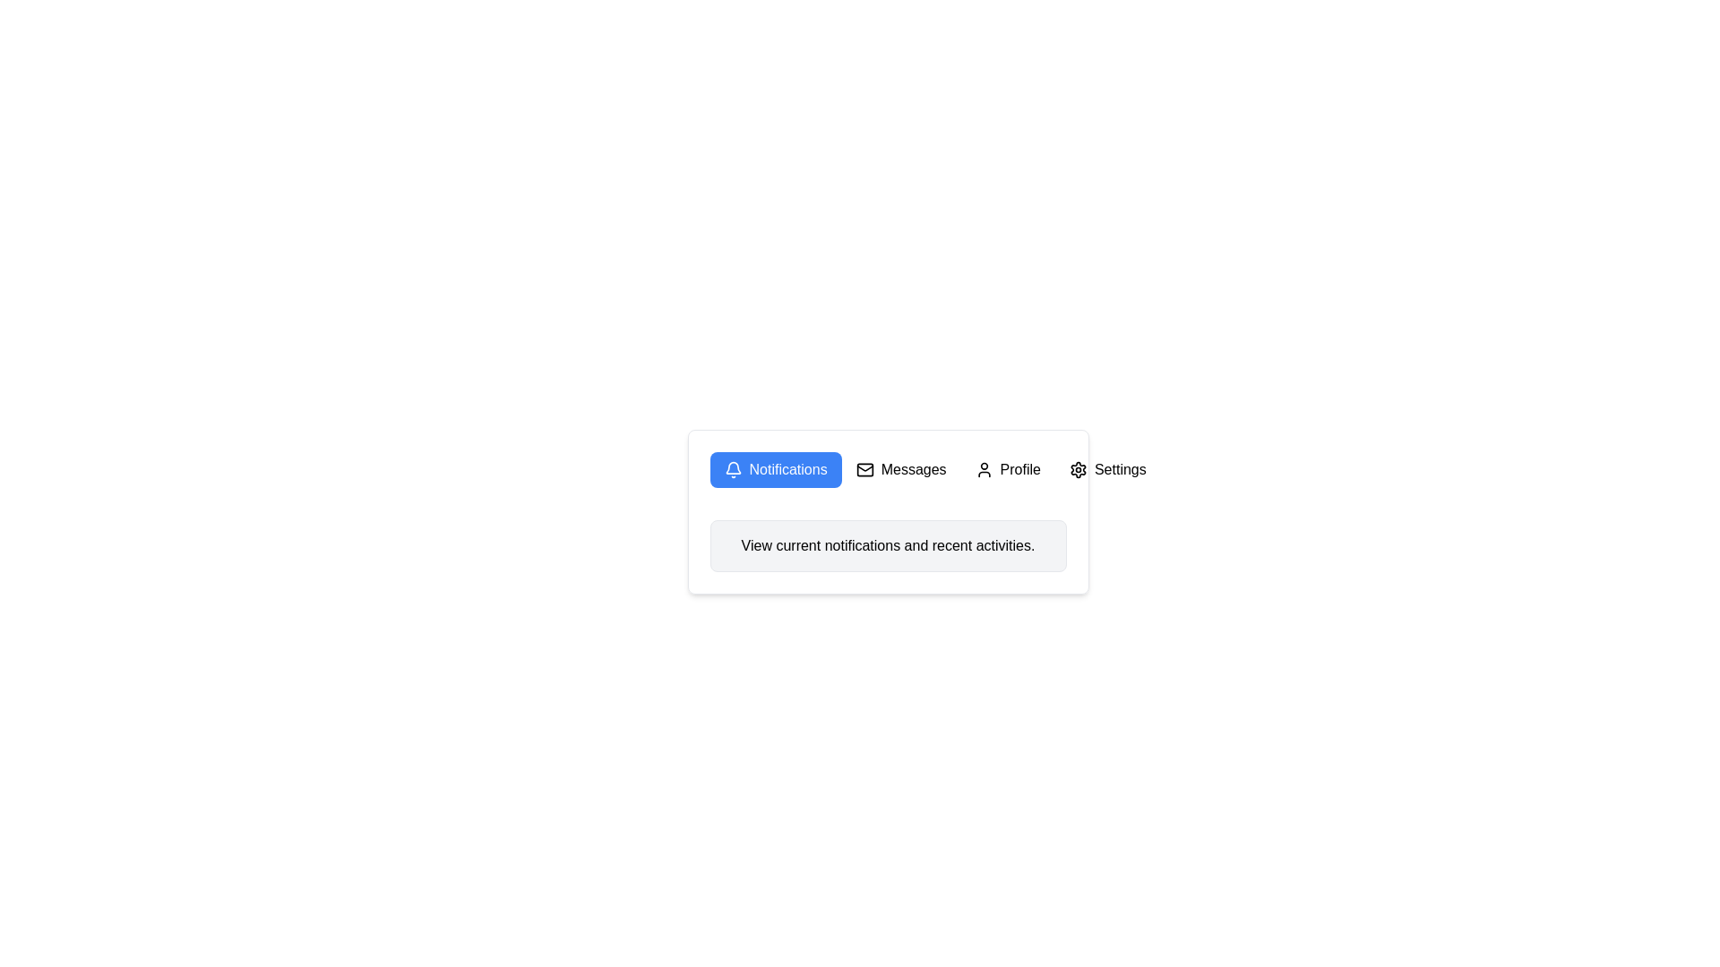 This screenshot has width=1720, height=967. I want to click on the Informational text block with the text 'View current notifications and recent activities.' which has a light gray background and is centrally positioned below the interactive buttons, so click(888, 544).